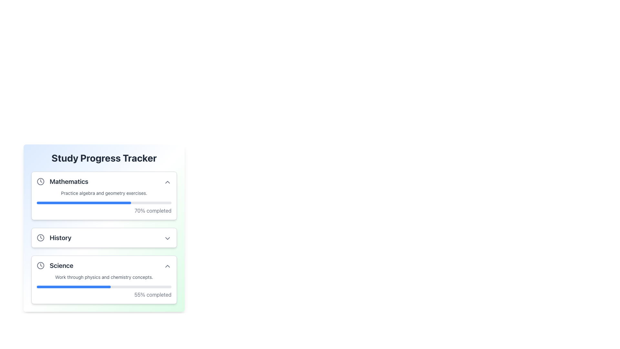 The image size is (620, 349). I want to click on the clock icon situated at the start of the 'History' section, adjacent to the title 'History', for informational purposes, so click(40, 238).